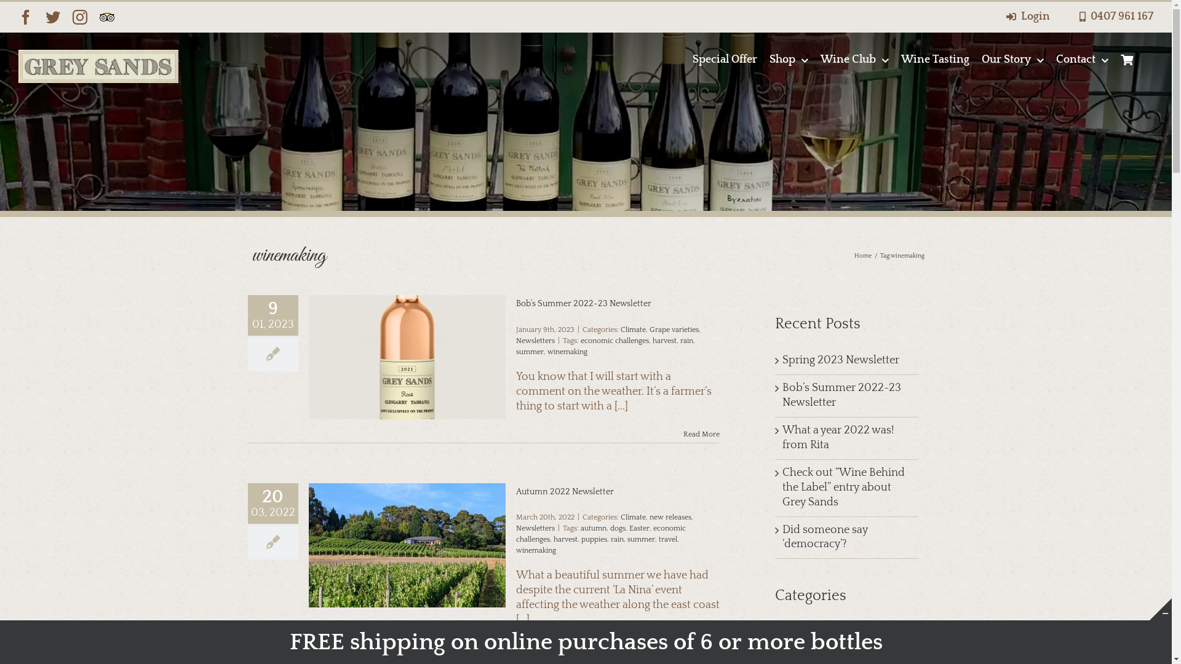 The height and width of the screenshot is (664, 1181). Describe the element at coordinates (593, 528) in the screenshot. I see `'autumn'` at that location.